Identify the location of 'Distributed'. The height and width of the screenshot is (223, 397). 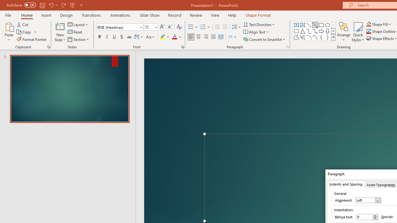
(221, 37).